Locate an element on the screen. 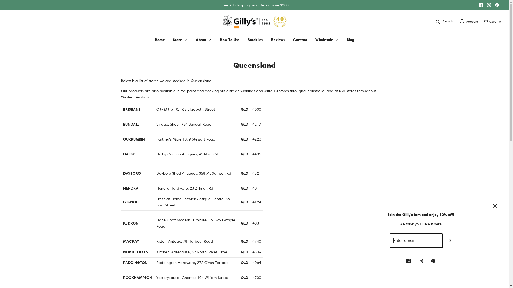 This screenshot has width=513, height=288. 'Hendra Hardware' is located at coordinates (172, 188).